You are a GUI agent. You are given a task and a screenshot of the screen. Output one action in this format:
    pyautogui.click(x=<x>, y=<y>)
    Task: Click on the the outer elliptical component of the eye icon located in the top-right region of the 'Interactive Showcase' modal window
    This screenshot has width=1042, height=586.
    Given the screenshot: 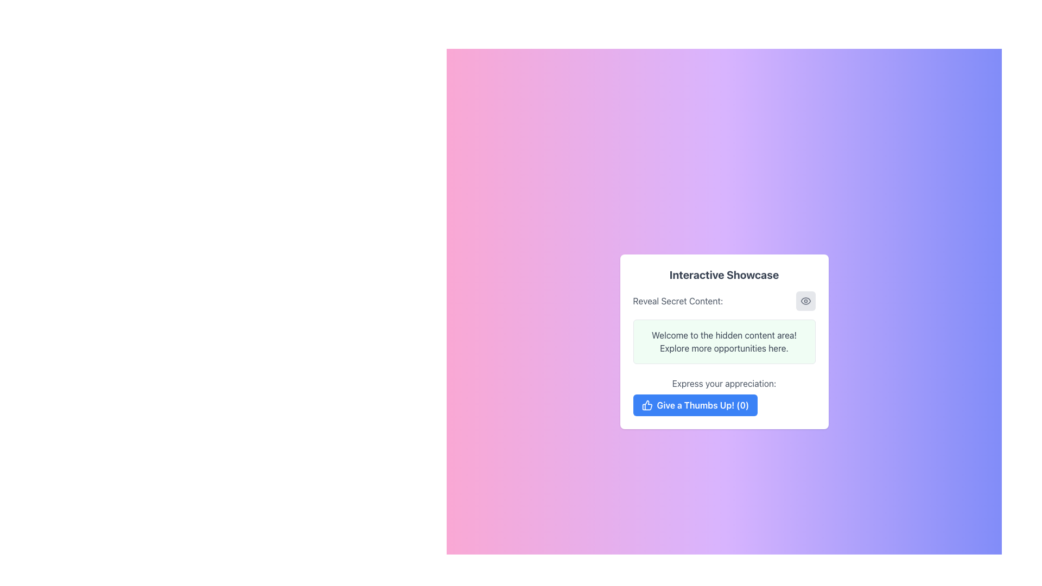 What is the action you would take?
    pyautogui.click(x=805, y=301)
    